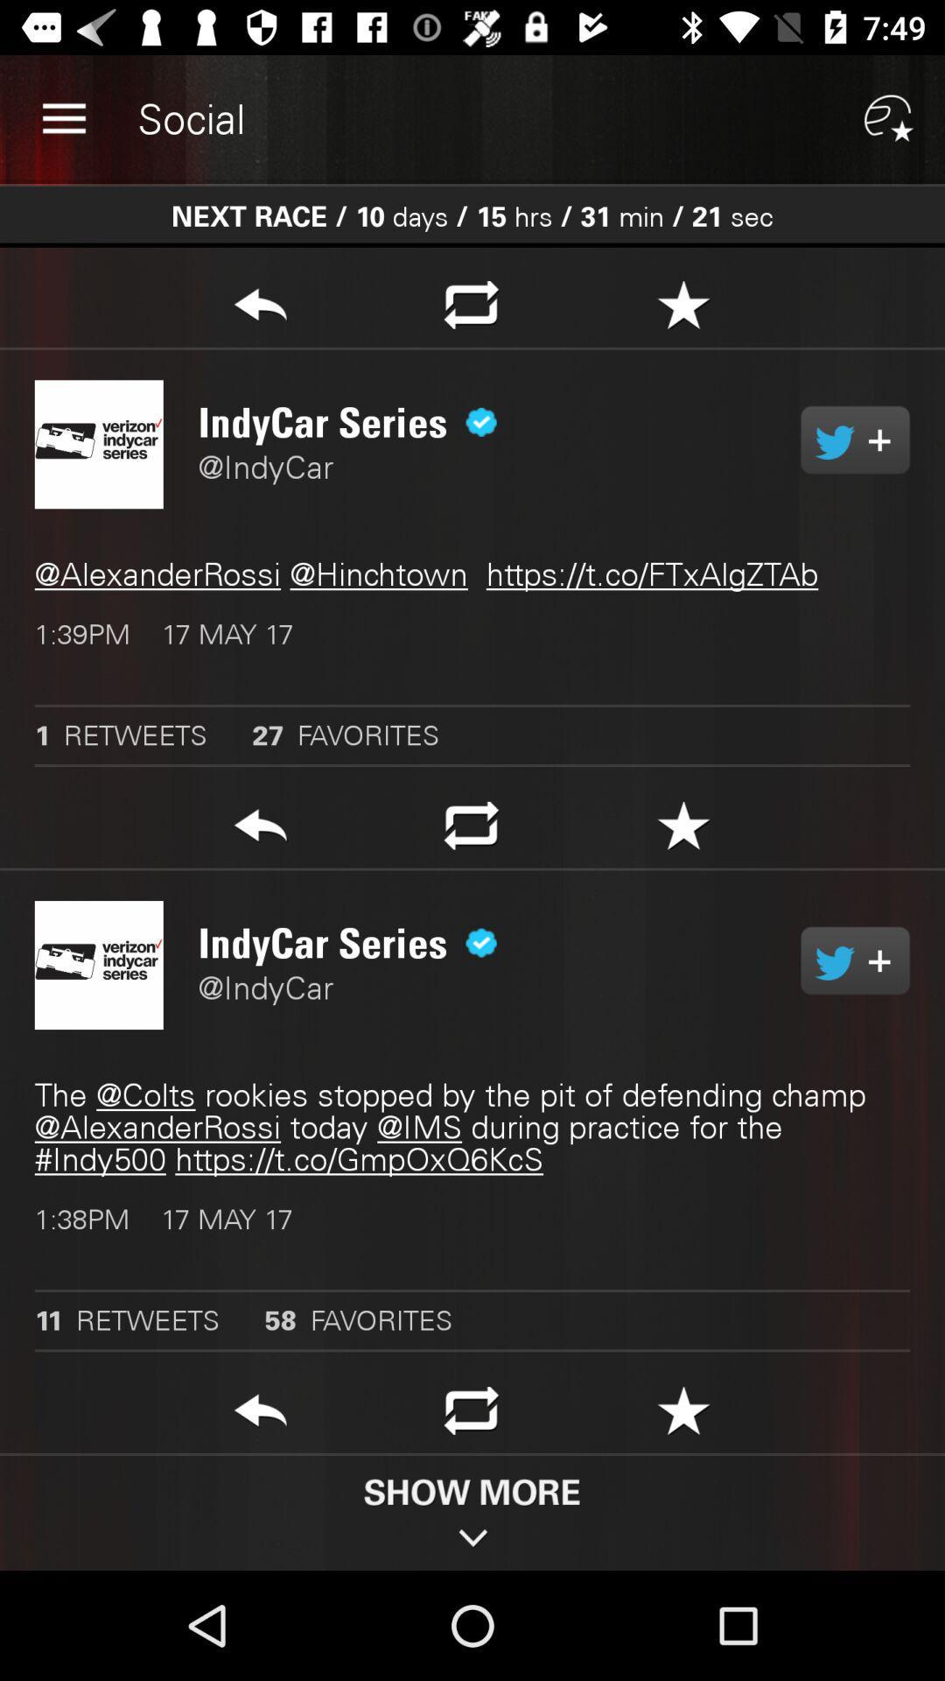  I want to click on the text which is below indycar series, so click(472, 574).